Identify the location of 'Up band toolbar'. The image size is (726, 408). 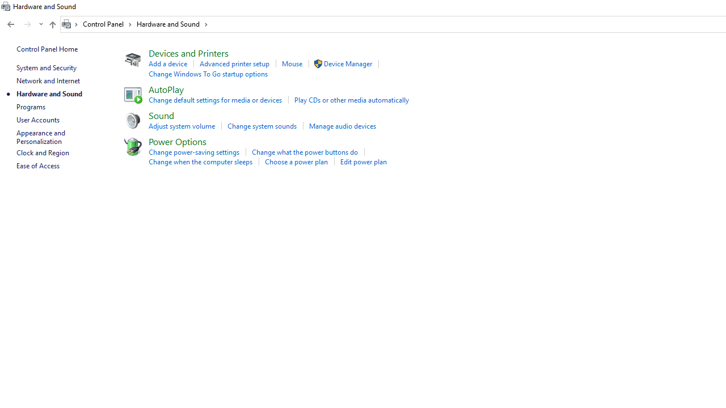
(52, 25).